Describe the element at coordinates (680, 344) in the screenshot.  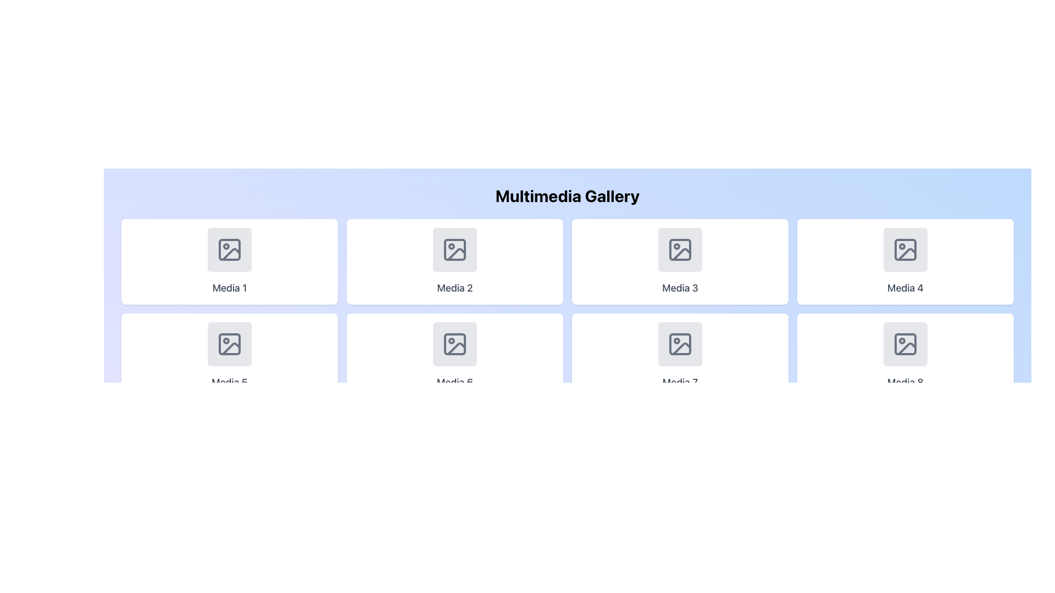
I see `the decorative placeholder icon for media content located under the label 'Media 7'` at that location.